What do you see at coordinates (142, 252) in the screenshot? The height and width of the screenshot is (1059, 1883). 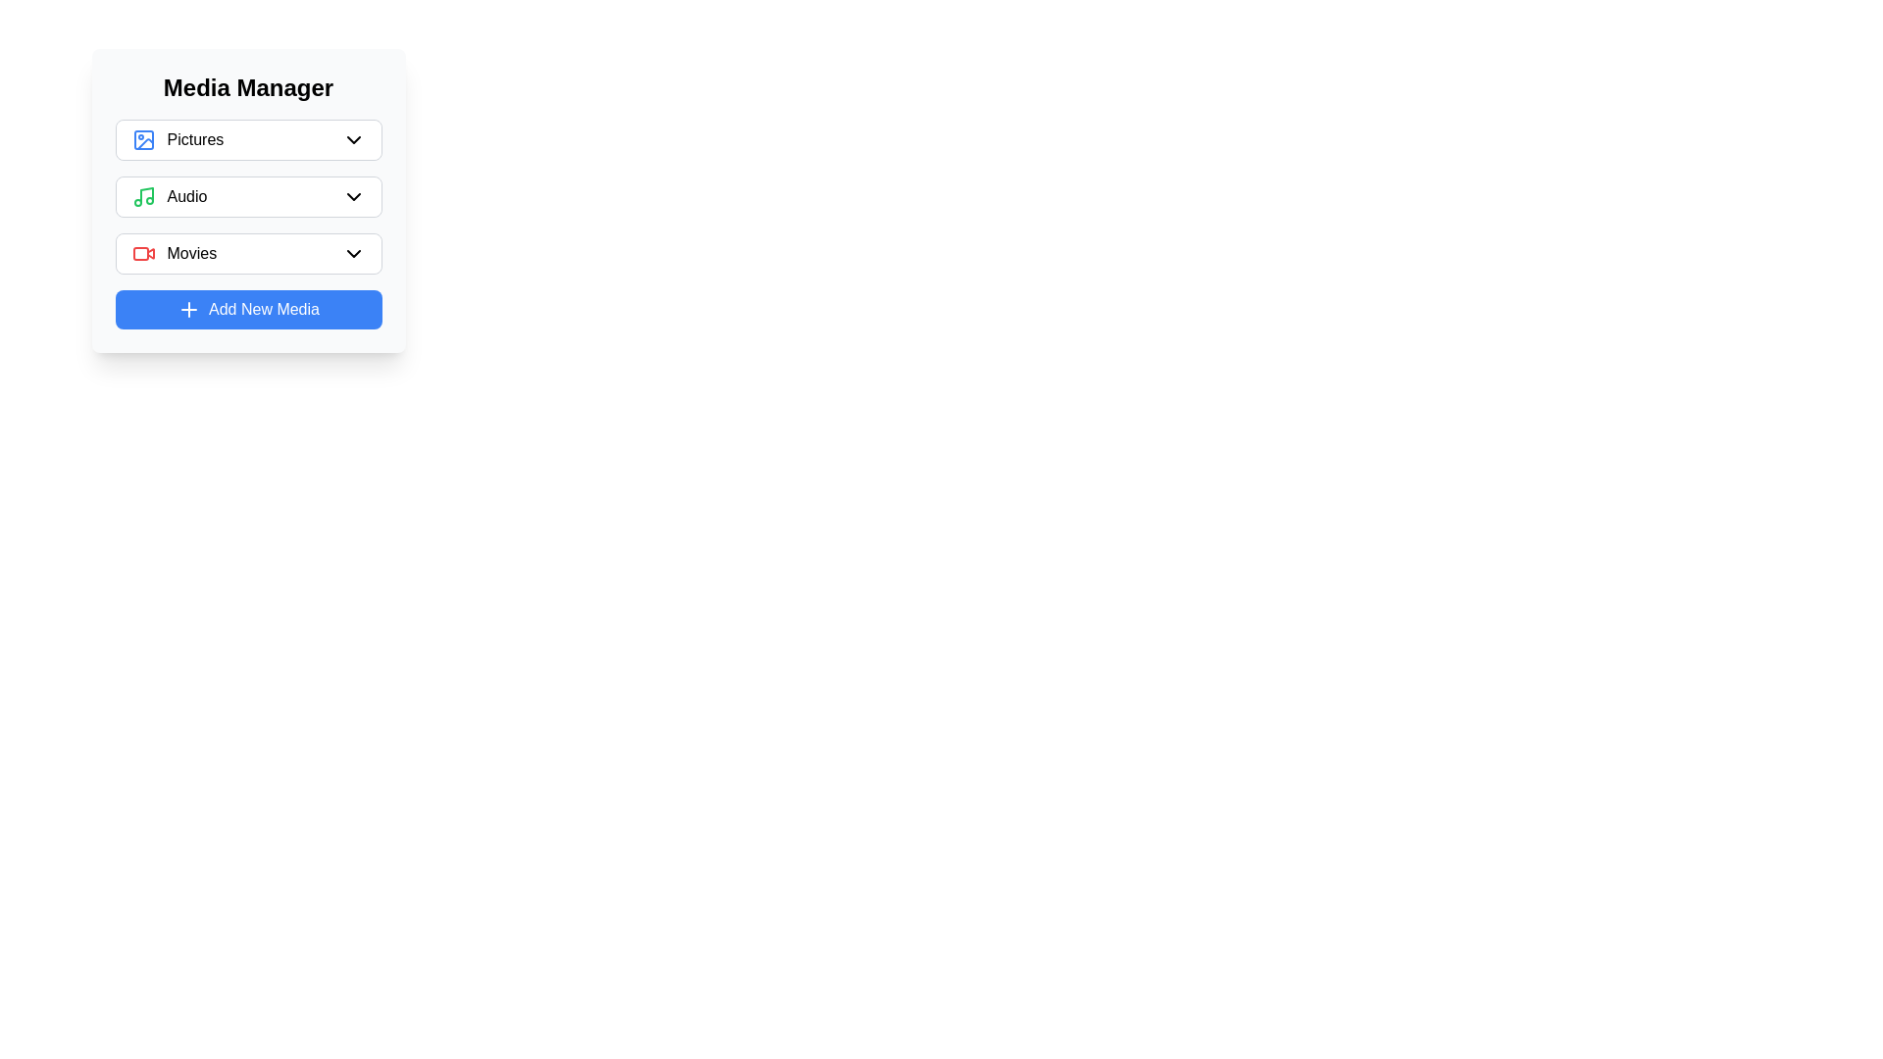 I see `the video camera icon filled with red color located next to the 'Movies' label in the 'Media Manager' section` at bounding box center [142, 252].